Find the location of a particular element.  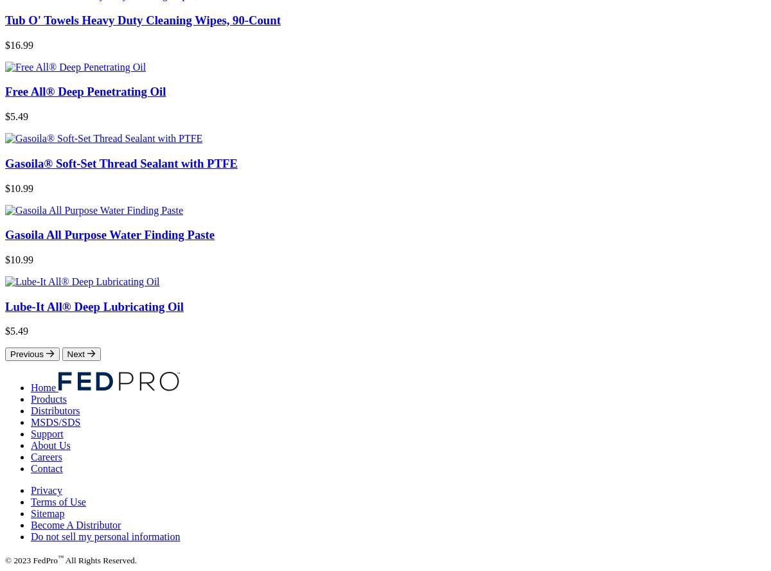

'Next' is located at coordinates (75, 354).